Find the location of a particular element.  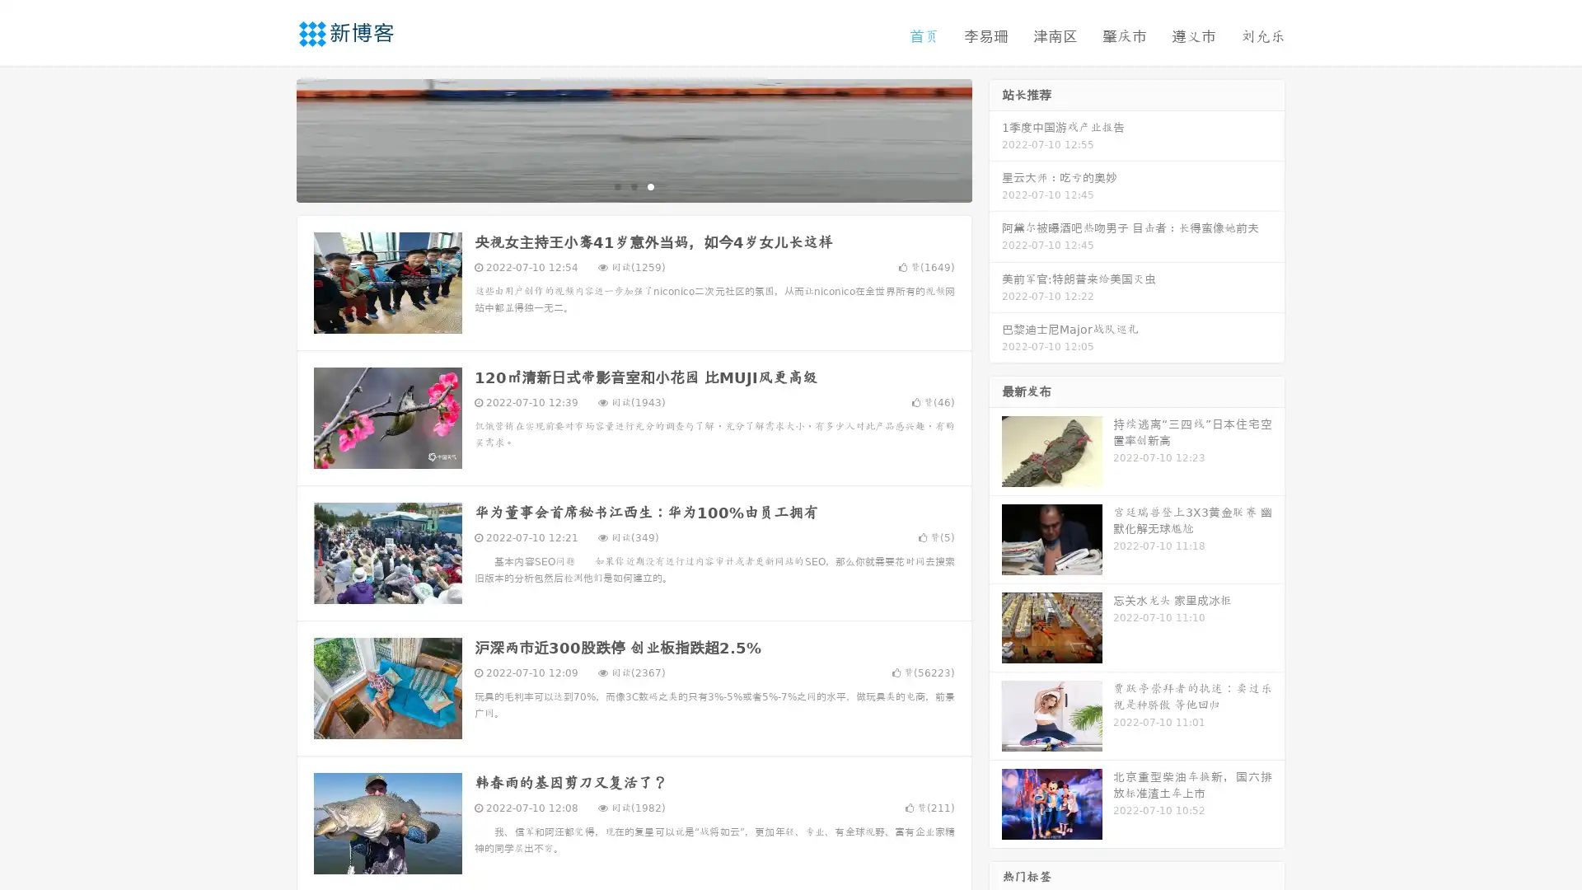

Go to slide 2 is located at coordinates (633, 185).